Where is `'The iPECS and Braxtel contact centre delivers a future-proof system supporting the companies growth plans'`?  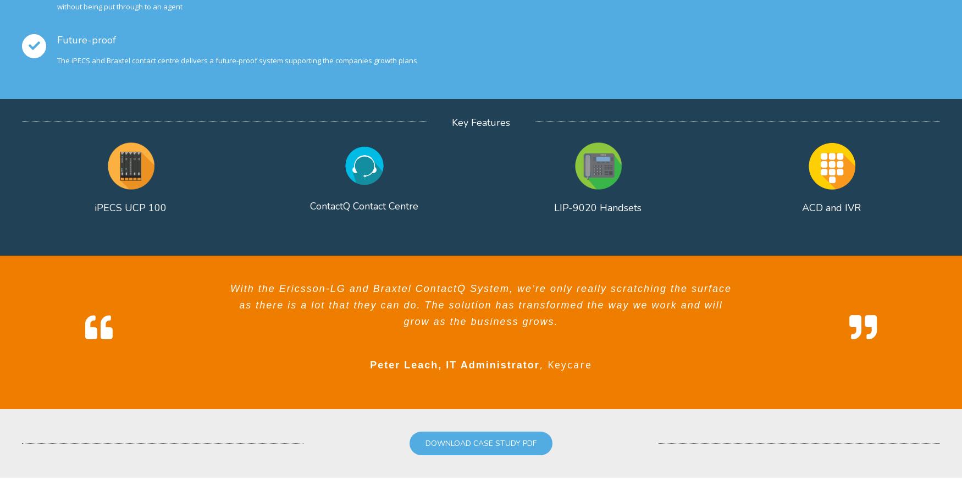 'The iPECS and Braxtel contact centre delivers a future-proof system supporting the companies growth plans' is located at coordinates (236, 60).